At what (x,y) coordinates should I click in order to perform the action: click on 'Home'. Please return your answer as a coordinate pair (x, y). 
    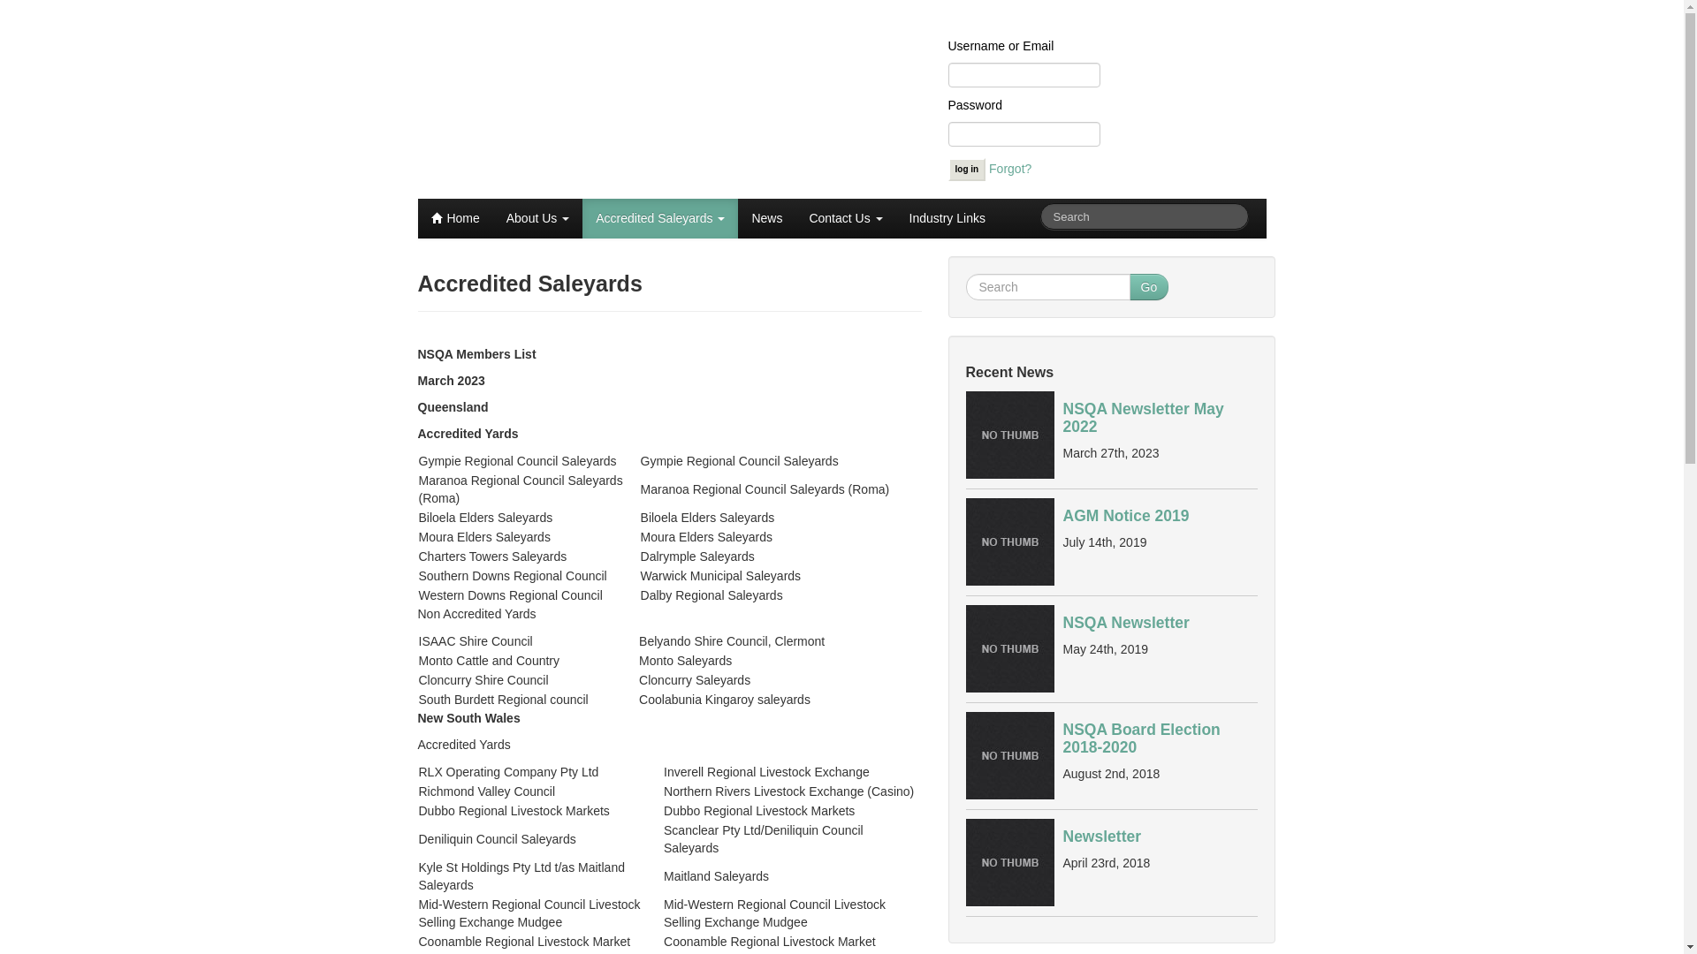
    Looking at the image, I should click on (454, 217).